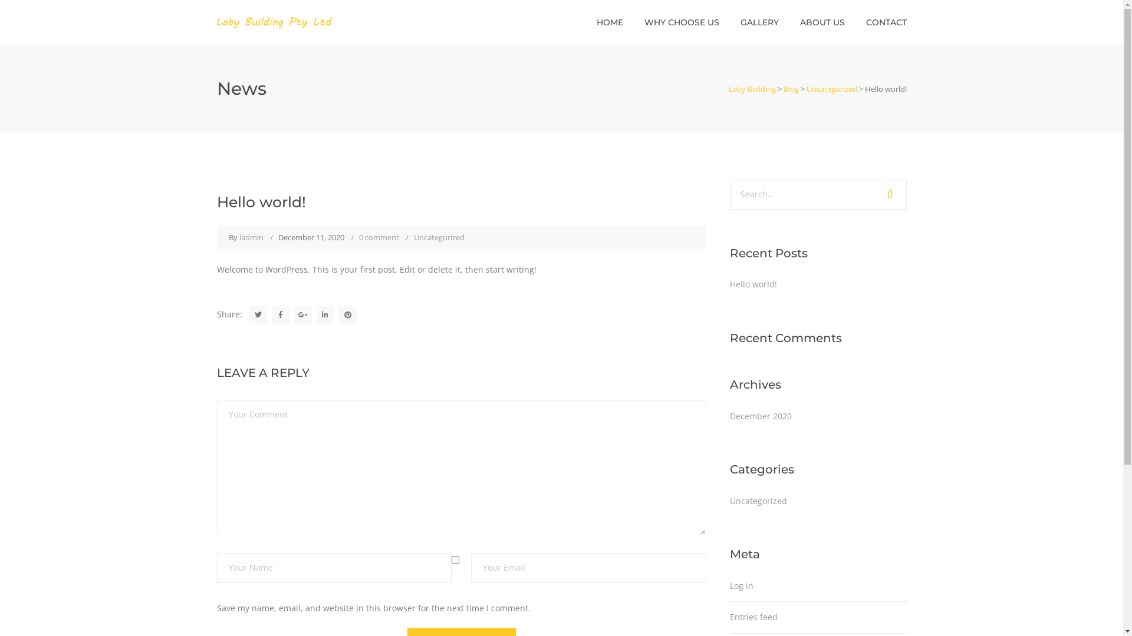 This screenshot has height=636, width=1132. I want to click on 'Hello world!', so click(752, 284).